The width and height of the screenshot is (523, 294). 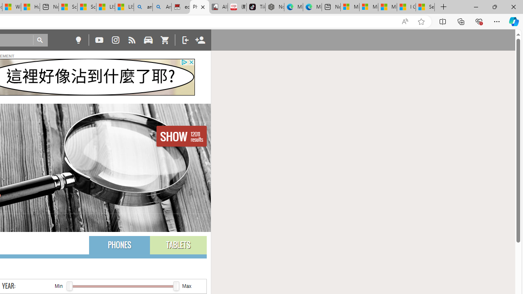 I want to click on 'PHONES', so click(x=119, y=245).